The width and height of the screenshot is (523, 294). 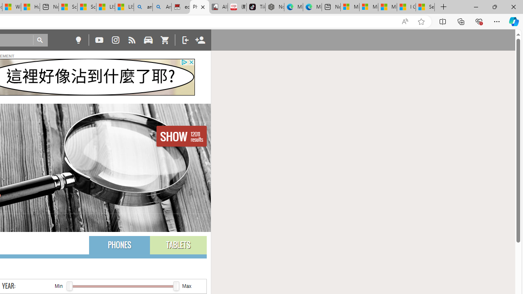 I want to click on 'PHONES', so click(x=119, y=245).